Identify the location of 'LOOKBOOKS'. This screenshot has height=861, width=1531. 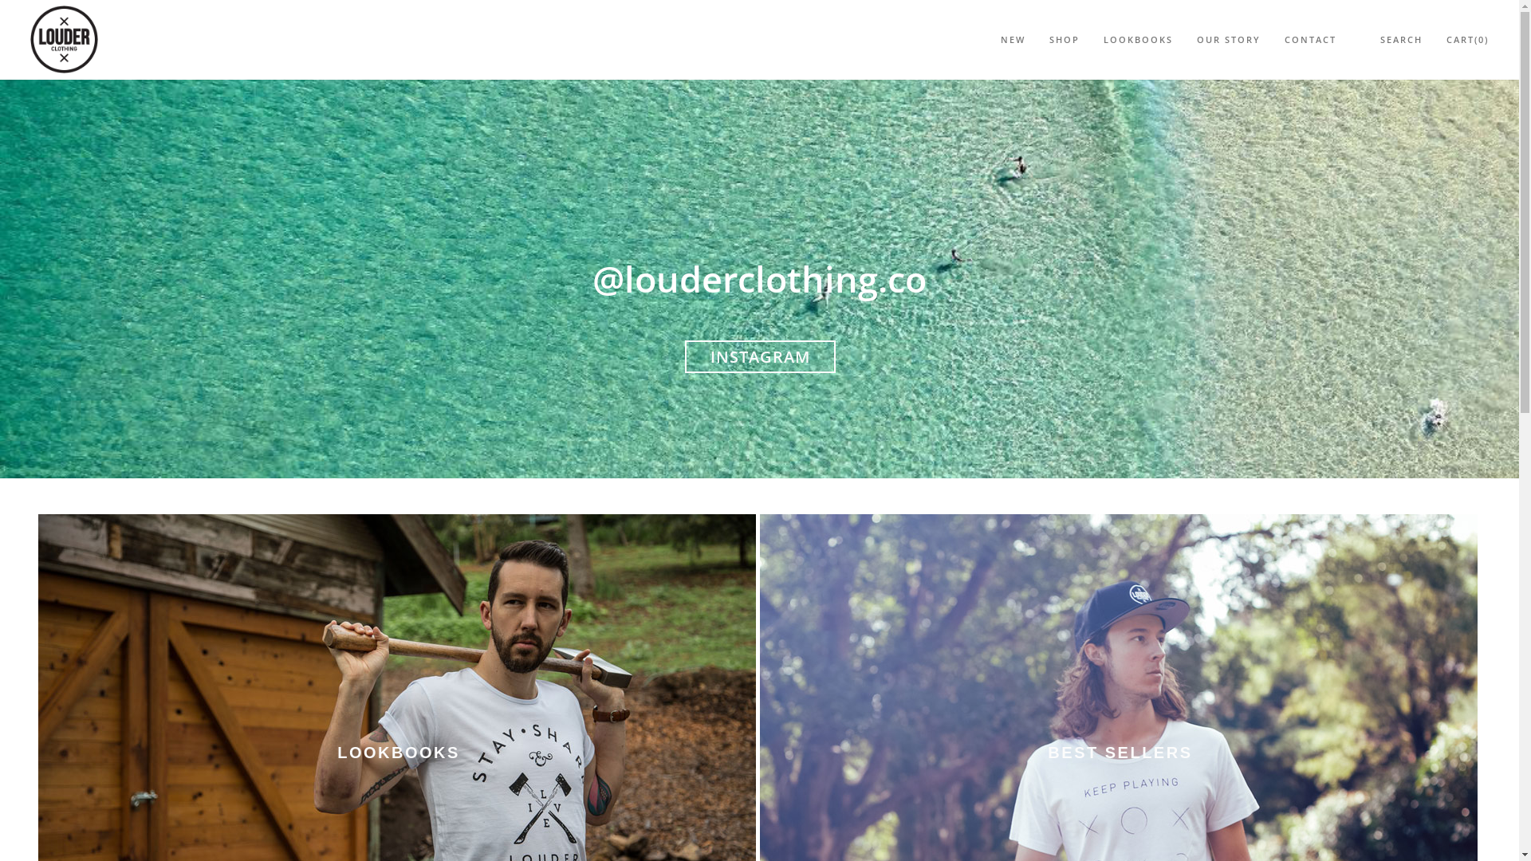
(1137, 39).